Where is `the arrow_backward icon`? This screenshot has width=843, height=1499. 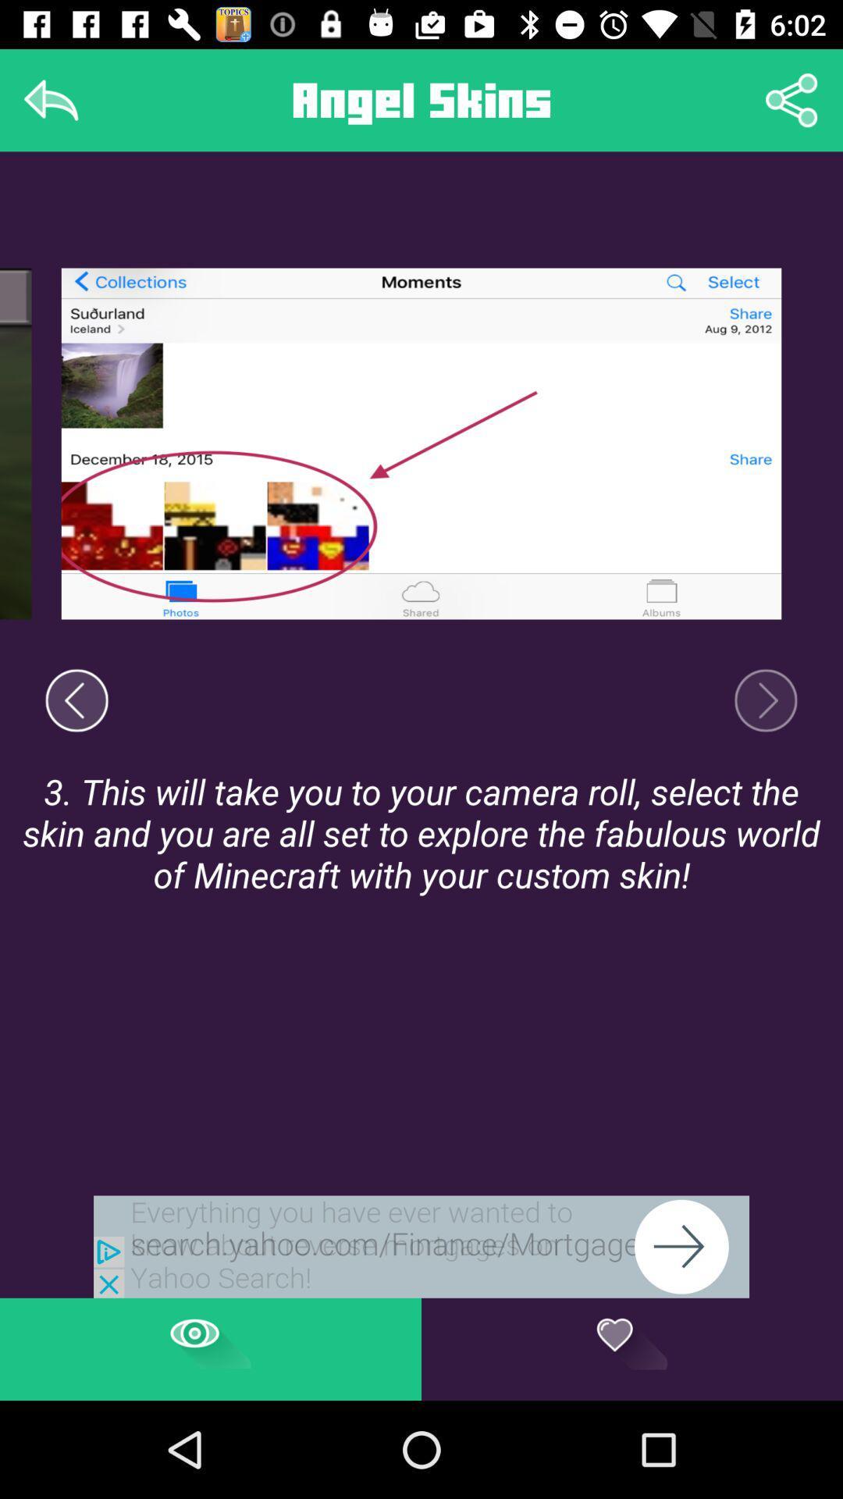
the arrow_backward icon is located at coordinates (76, 700).